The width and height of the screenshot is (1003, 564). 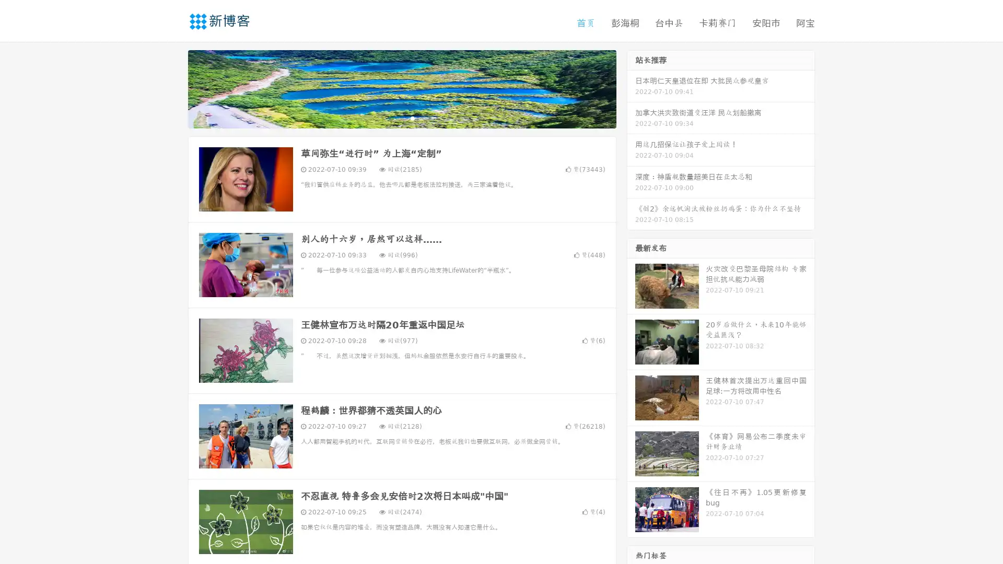 What do you see at coordinates (172, 88) in the screenshot?
I see `Previous slide` at bounding box center [172, 88].